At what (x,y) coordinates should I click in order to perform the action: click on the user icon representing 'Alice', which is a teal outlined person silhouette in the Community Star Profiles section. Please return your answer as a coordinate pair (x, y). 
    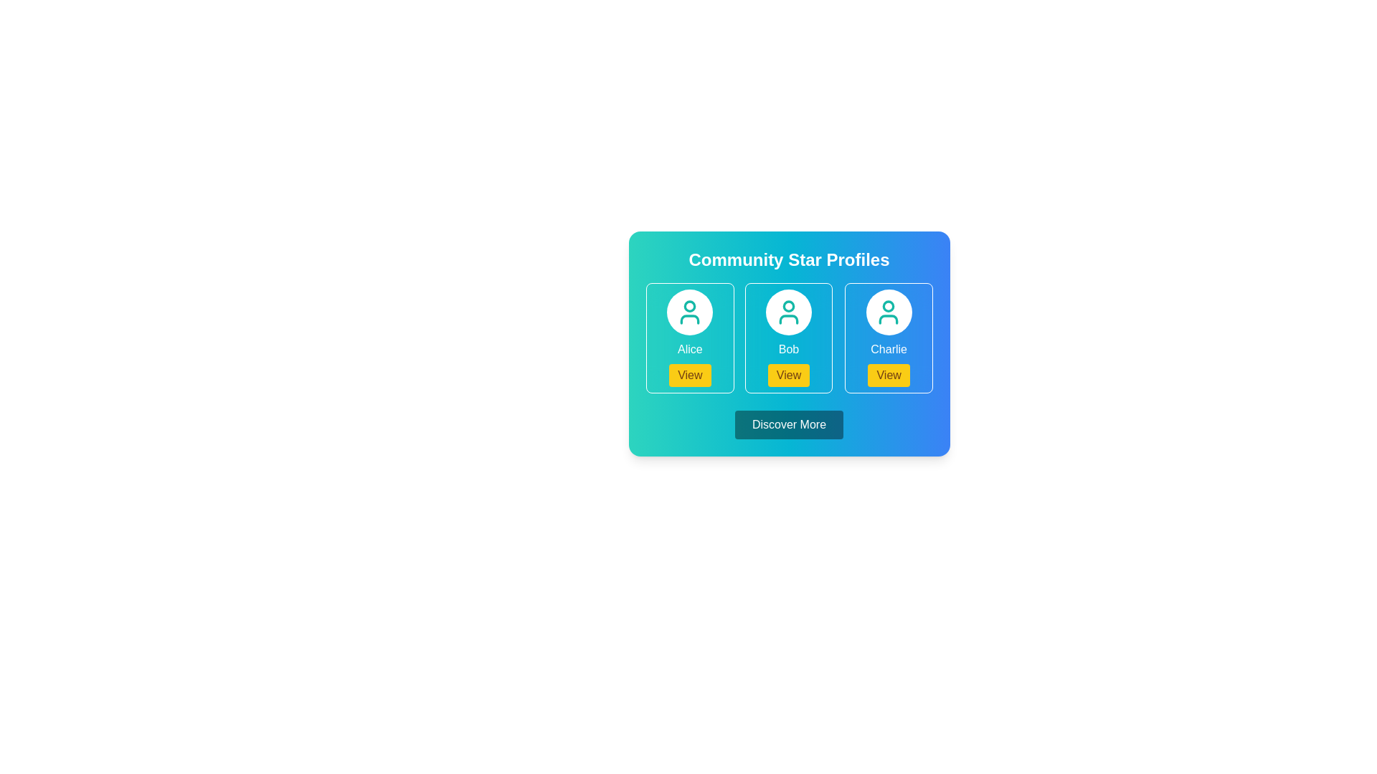
    Looking at the image, I should click on (689, 311).